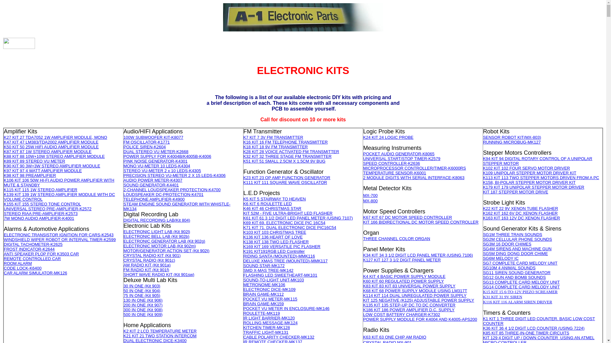 Image resolution: width=611 pixels, height=343 pixels. What do you see at coordinates (287, 156) in the screenshot?
I see `'K32 KIT 32 THREE STAGE FM TRANSMITTER'` at bounding box center [287, 156].